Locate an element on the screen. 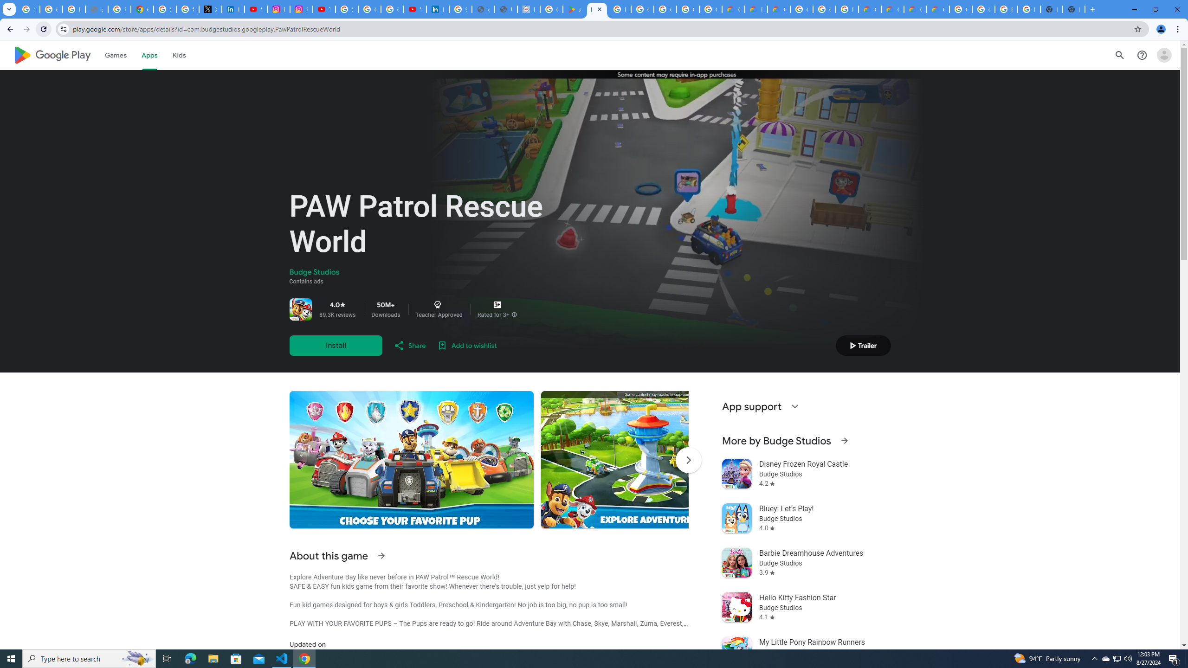  'Content rating' is located at coordinates (497, 304).